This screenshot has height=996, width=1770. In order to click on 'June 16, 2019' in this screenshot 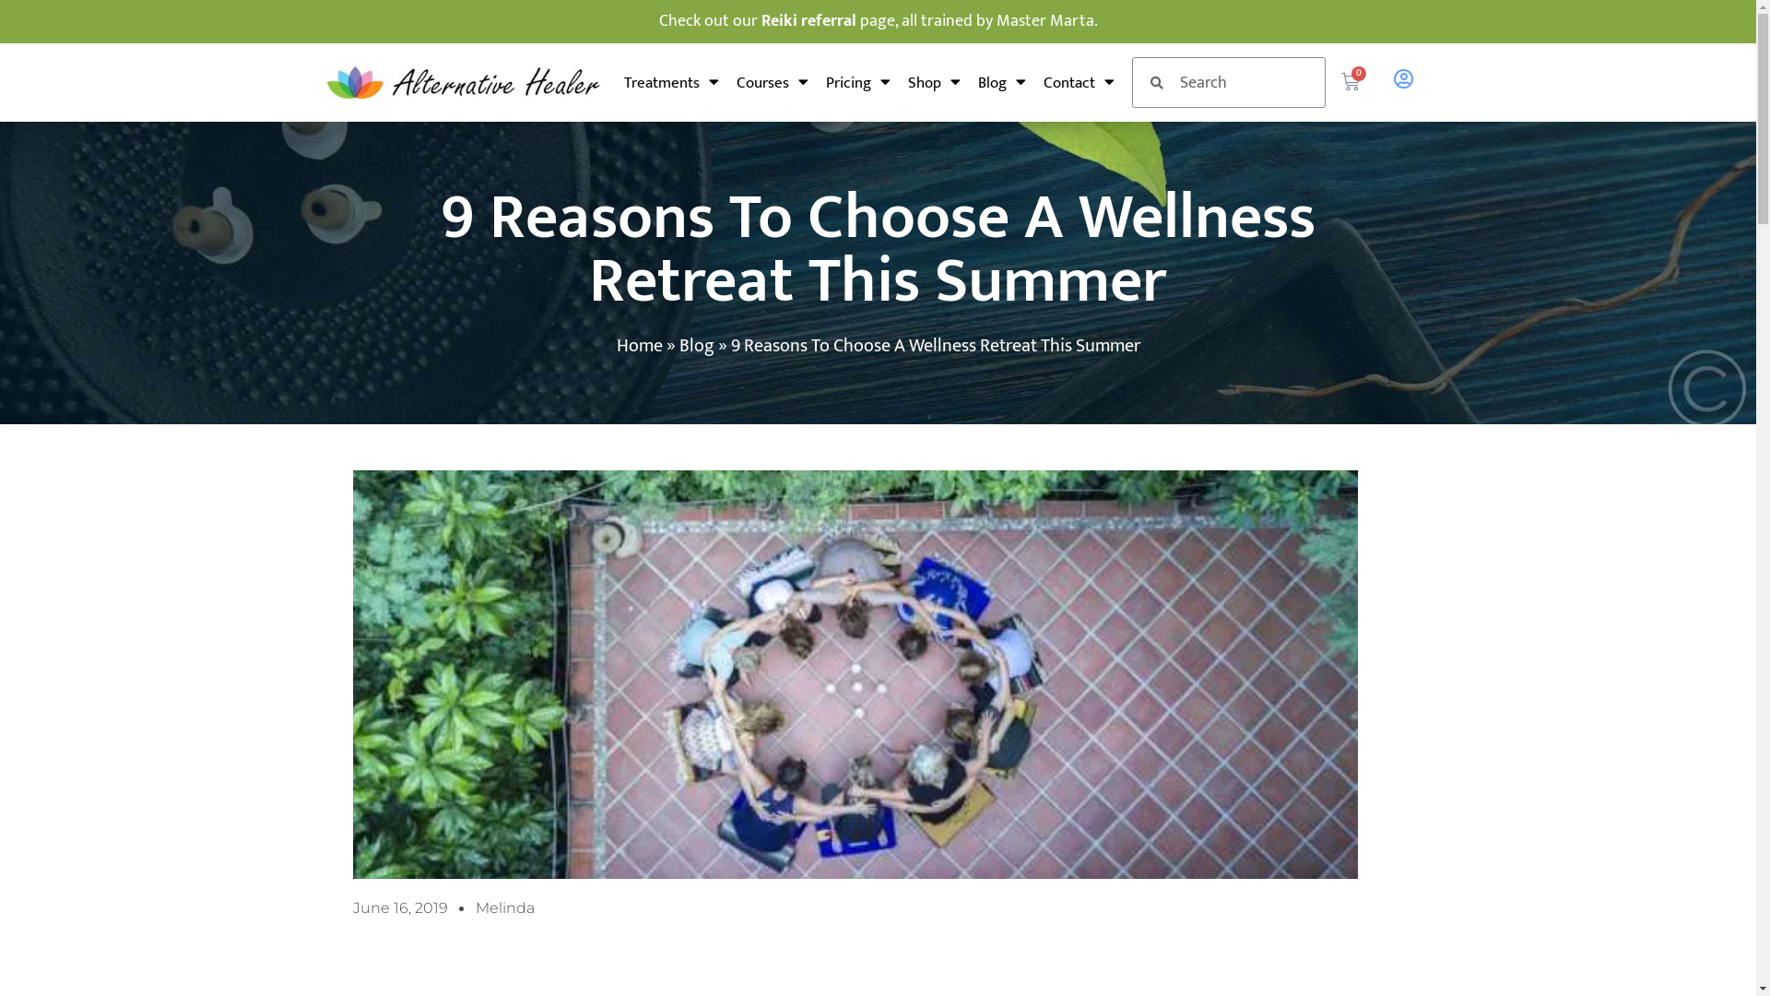, I will do `click(398, 907)`.